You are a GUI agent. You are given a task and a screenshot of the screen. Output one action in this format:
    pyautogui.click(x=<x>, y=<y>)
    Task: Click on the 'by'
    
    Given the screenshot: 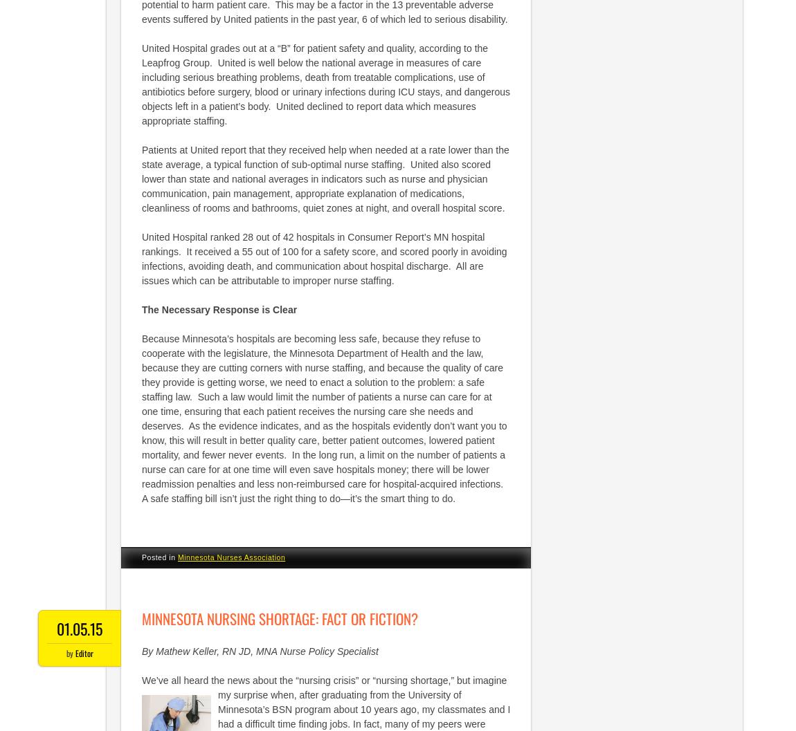 What is the action you would take?
    pyautogui.click(x=64, y=653)
    